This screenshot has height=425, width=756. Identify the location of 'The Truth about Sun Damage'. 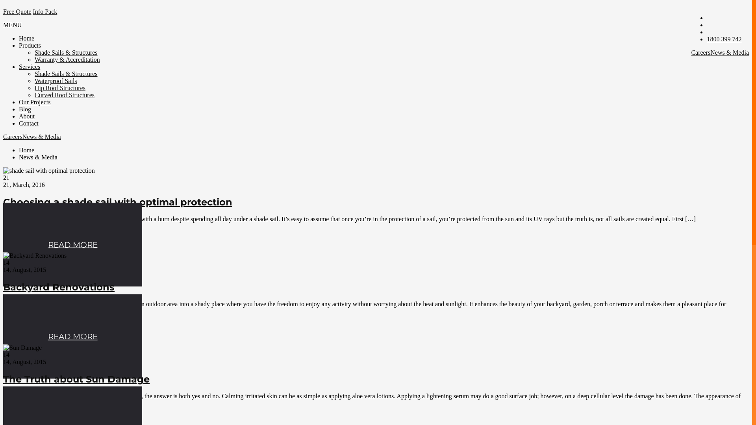
(76, 379).